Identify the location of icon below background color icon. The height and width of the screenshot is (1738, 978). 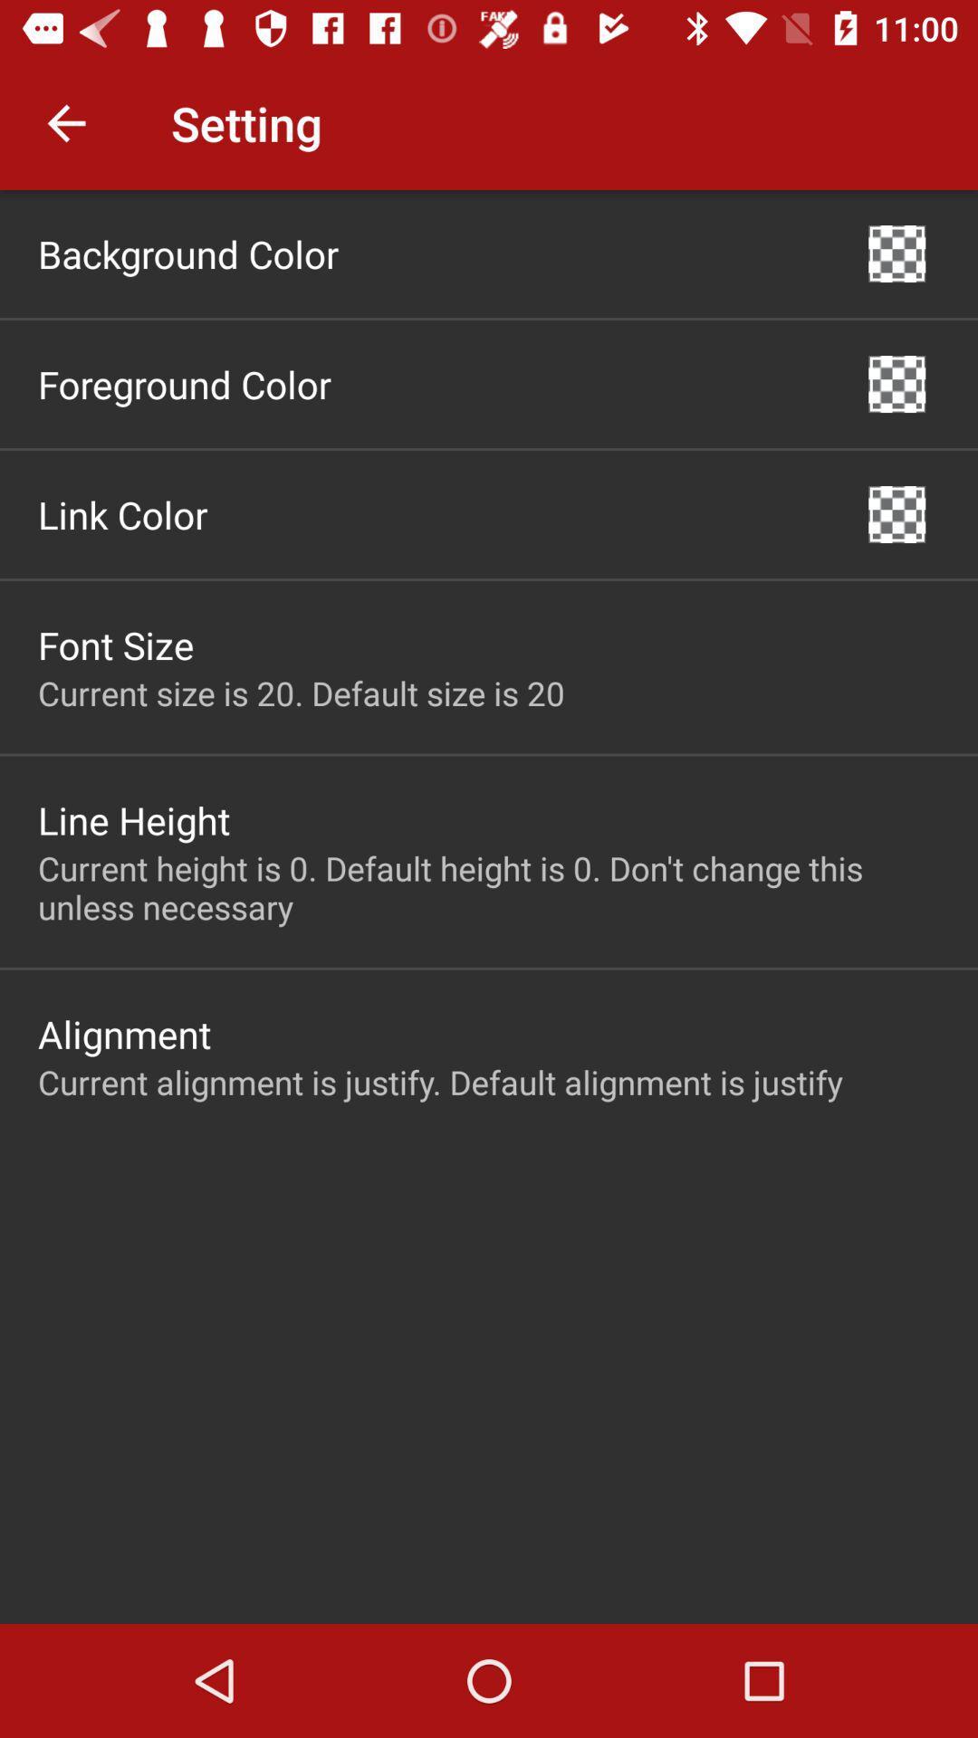
(185, 383).